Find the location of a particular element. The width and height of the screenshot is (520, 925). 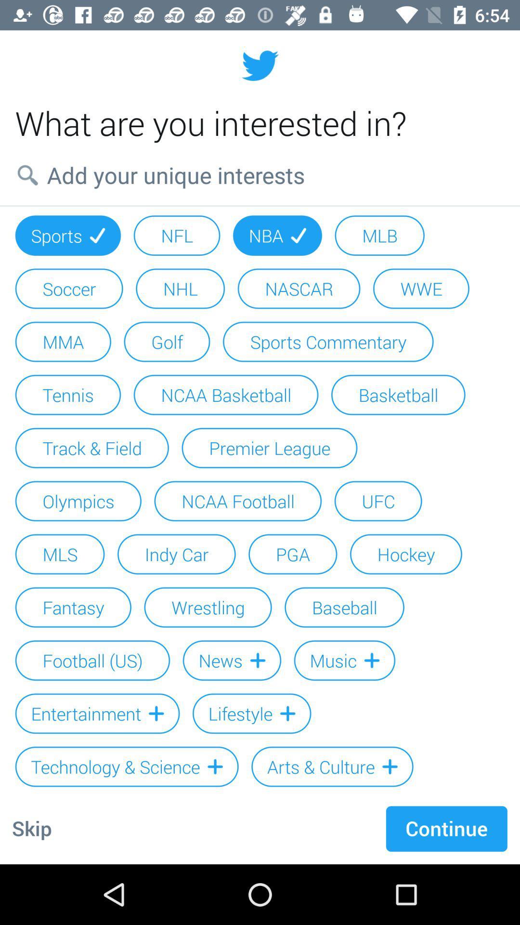

research your interests is located at coordinates (260, 175).